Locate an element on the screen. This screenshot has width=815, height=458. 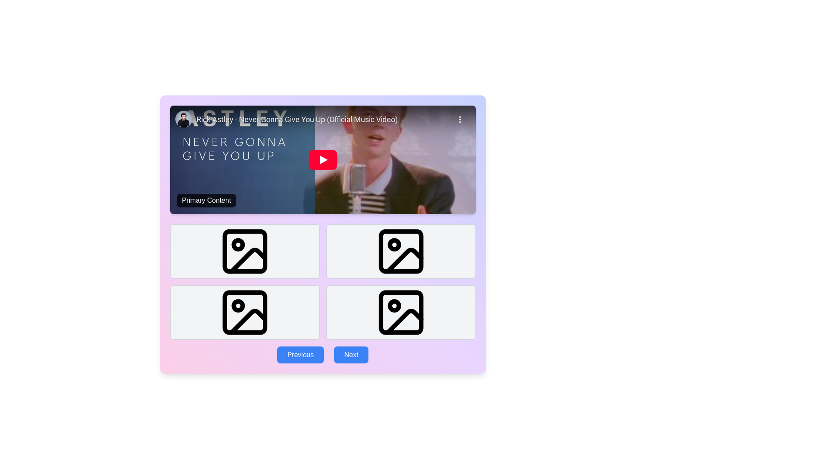
the Image Placeholder located in the second column of the first row within the grid layout is located at coordinates (400, 251).